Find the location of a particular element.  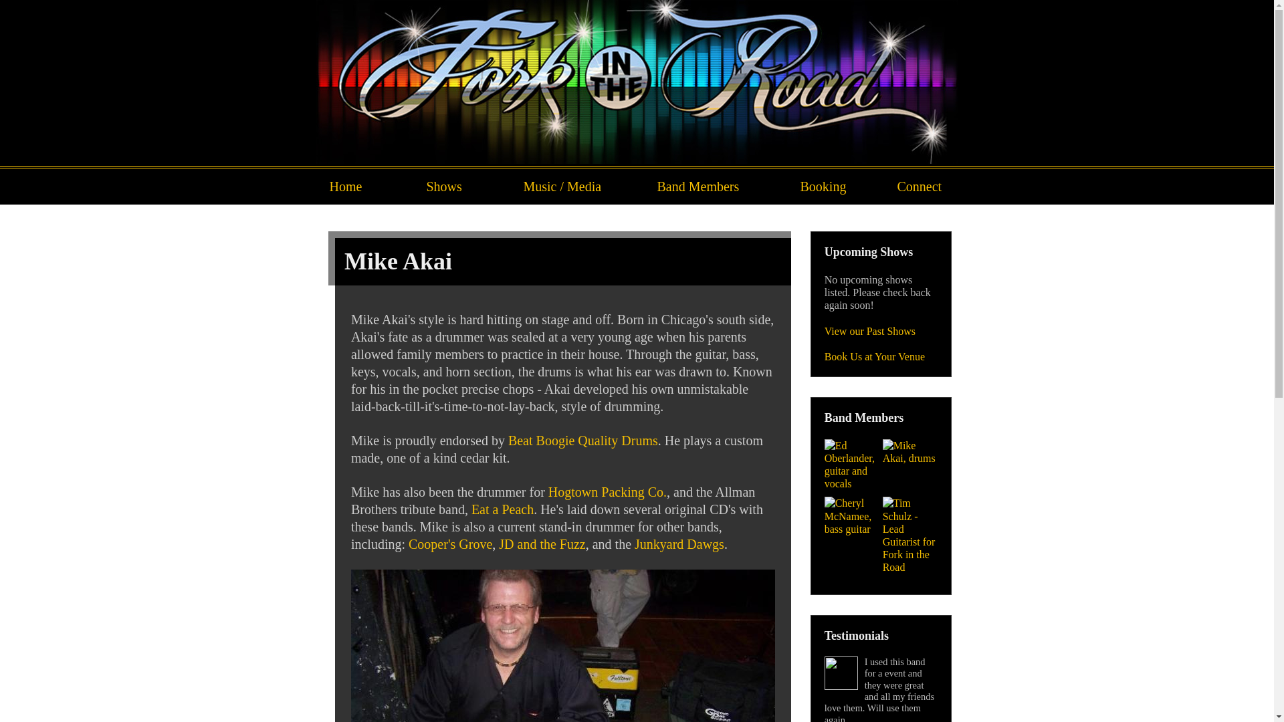

'Shows' is located at coordinates (461, 186).